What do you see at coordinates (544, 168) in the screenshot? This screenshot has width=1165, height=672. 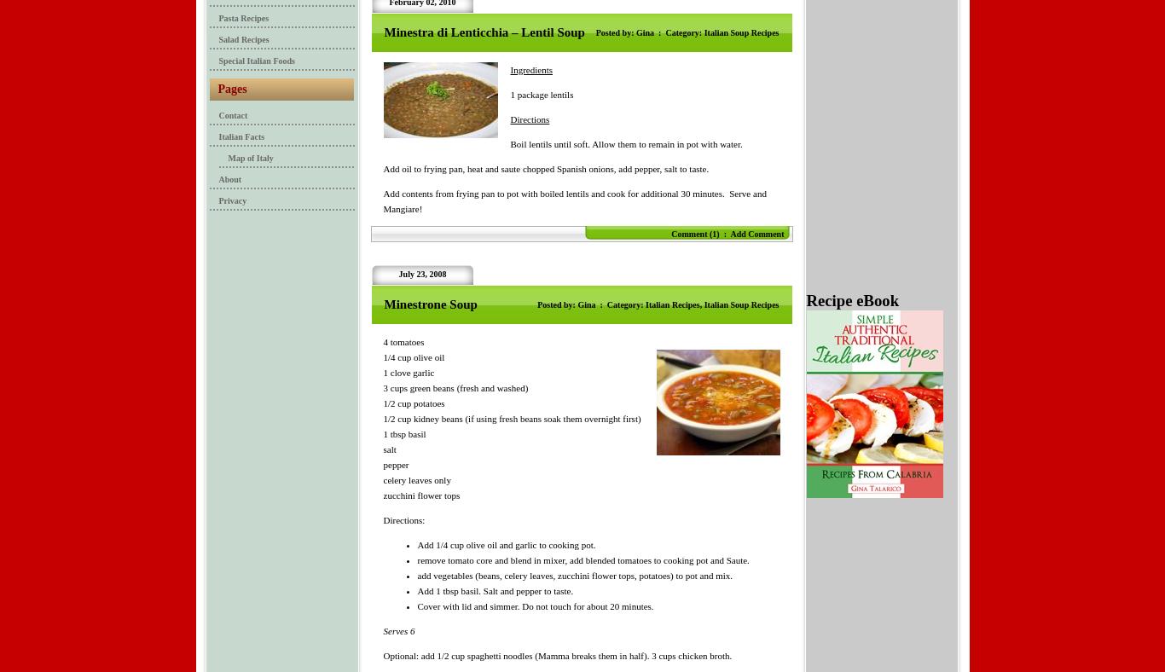 I see `'Add oil to frying pan, heat and saute chopped Spanish onions, add pepper, salt to taste.'` at bounding box center [544, 168].